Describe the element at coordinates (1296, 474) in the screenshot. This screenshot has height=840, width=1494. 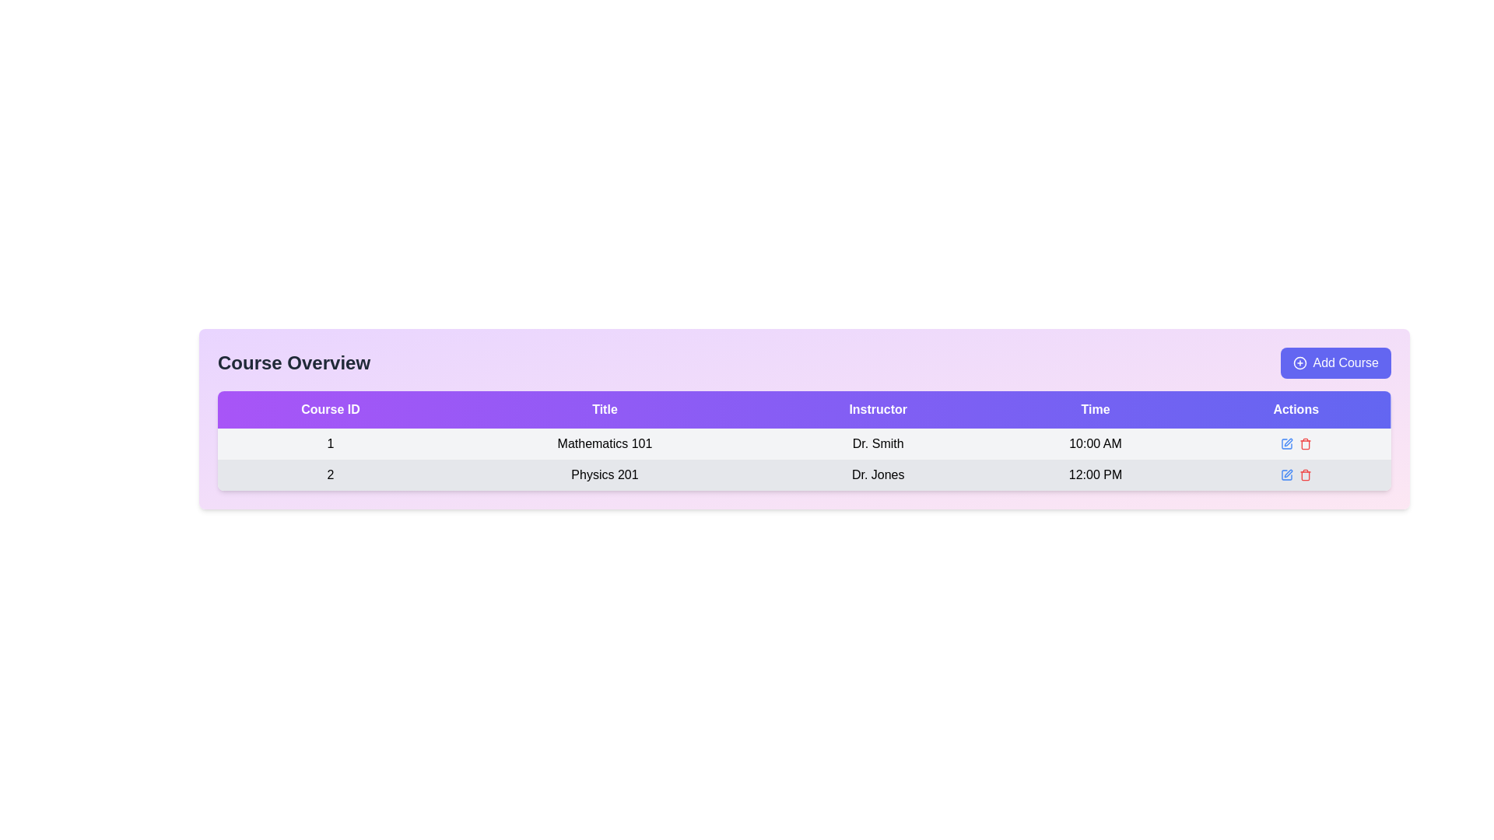
I see `the delete button in the Actions column of the second row of the table, which is associated with the course 'Physics 201'` at that location.